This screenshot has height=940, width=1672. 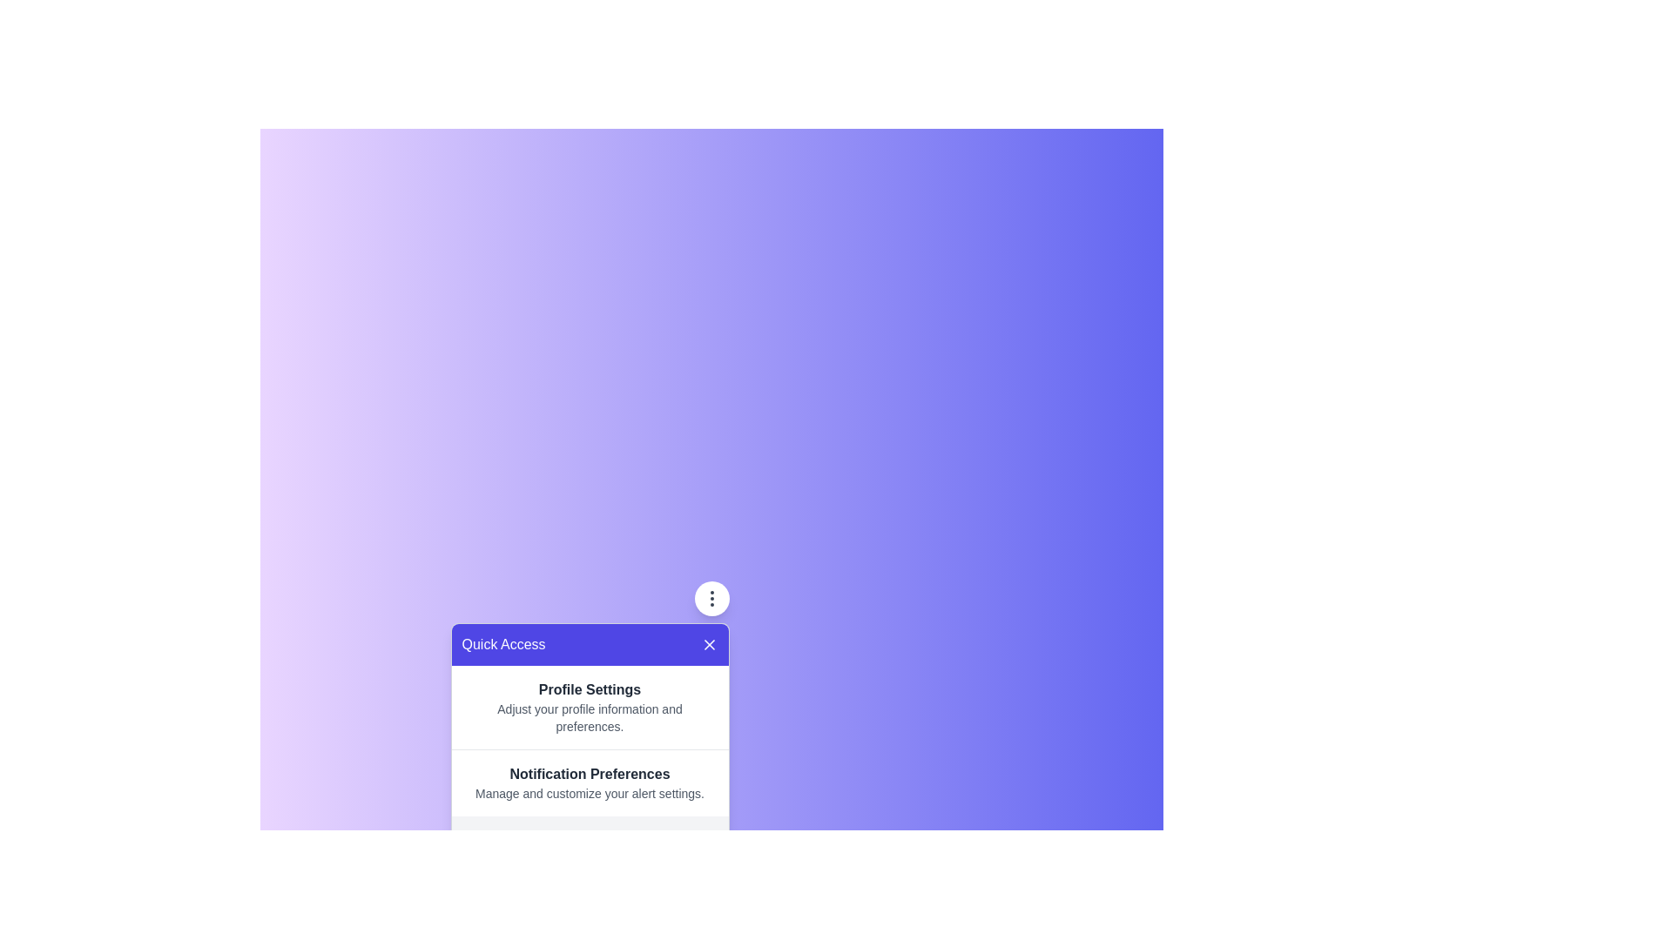 I want to click on the 'Profile Settings' header and description text block, which provides information about user profile customization options in the 'Quick Access' popup, so click(x=590, y=708).